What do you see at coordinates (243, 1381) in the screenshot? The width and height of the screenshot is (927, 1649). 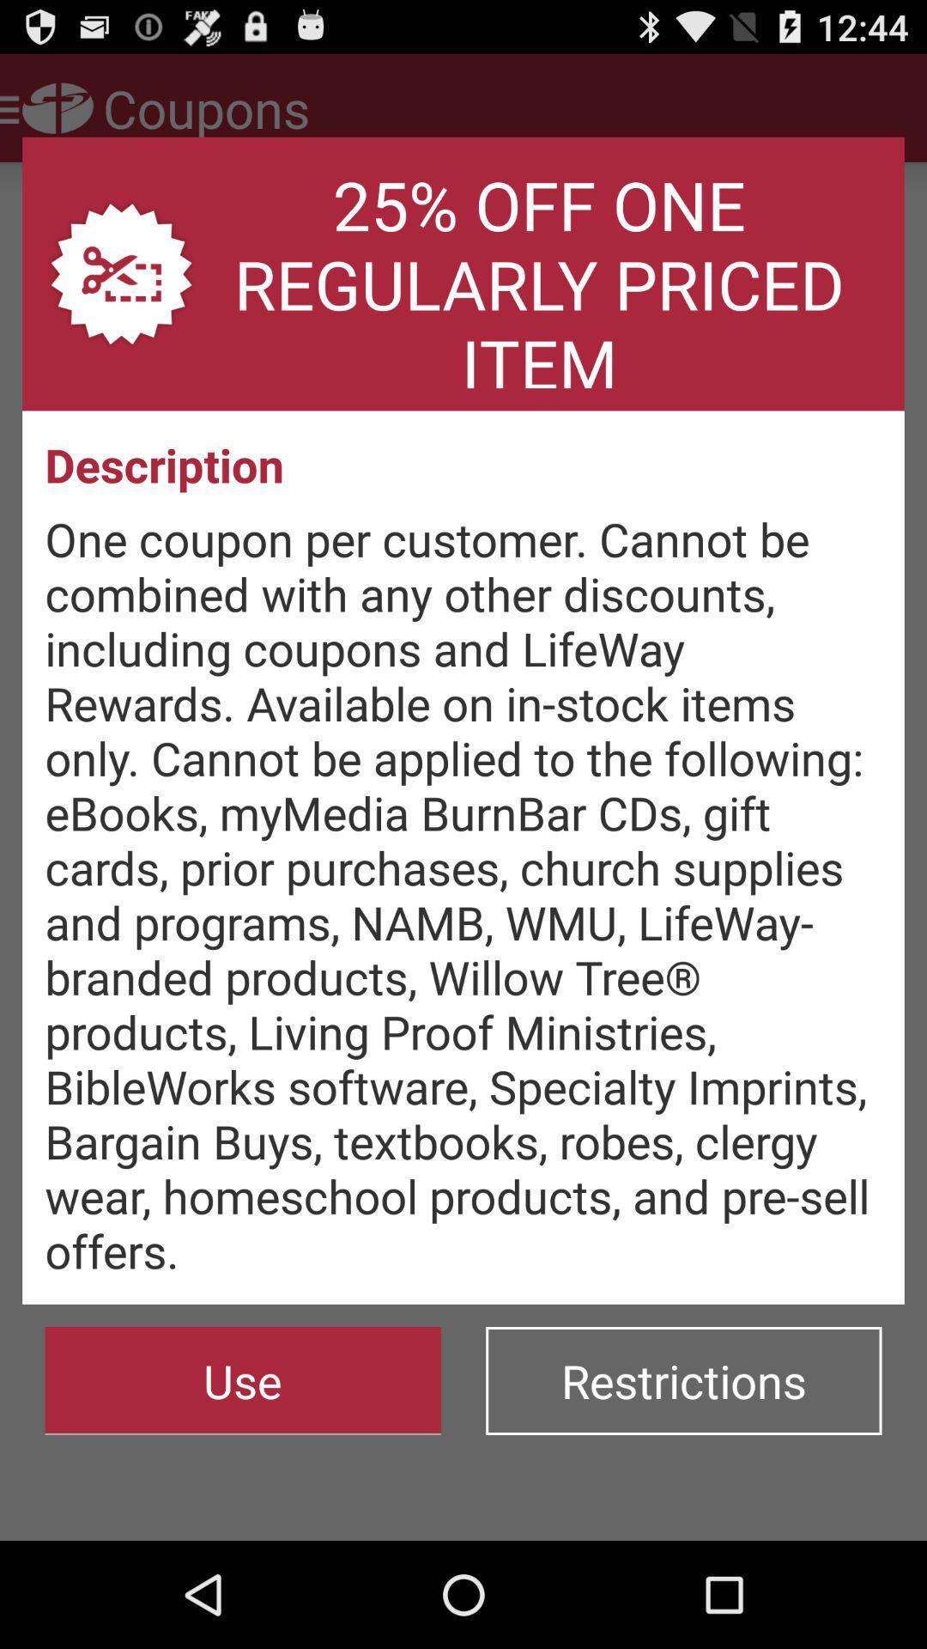 I see `the icon next to the restrictions button` at bounding box center [243, 1381].